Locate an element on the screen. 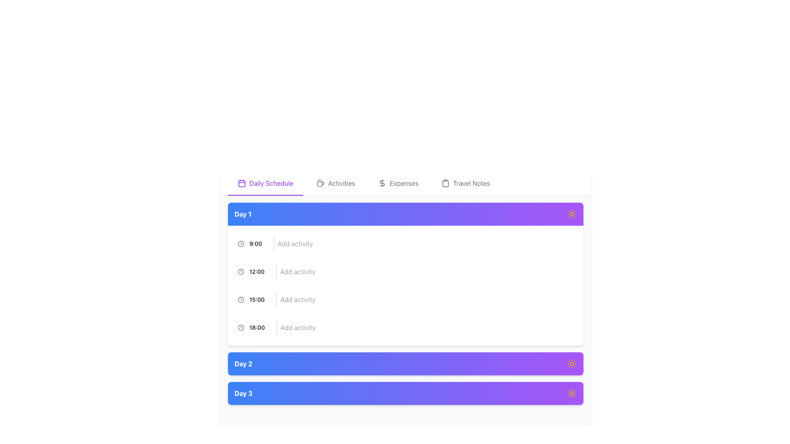 The width and height of the screenshot is (790, 444). the 'Daily Schedule' navigation tab located at the top of the section, which is the first tab in a horizontal navigation bar is located at coordinates (265, 183).